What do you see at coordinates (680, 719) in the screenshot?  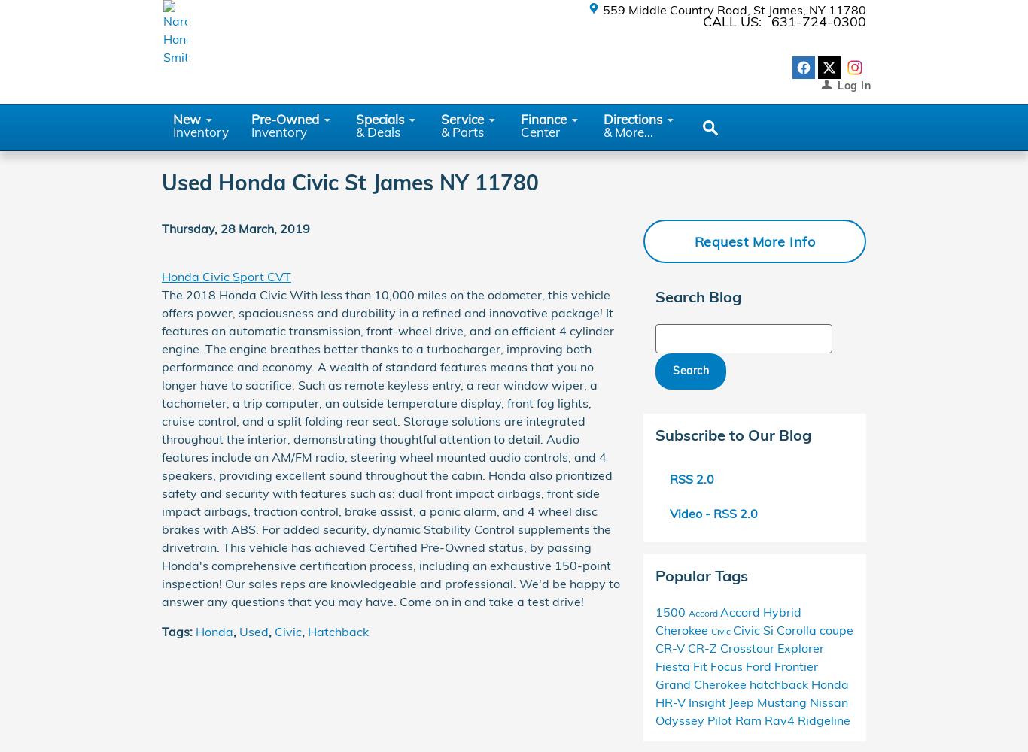 I see `'Odyssey'` at bounding box center [680, 719].